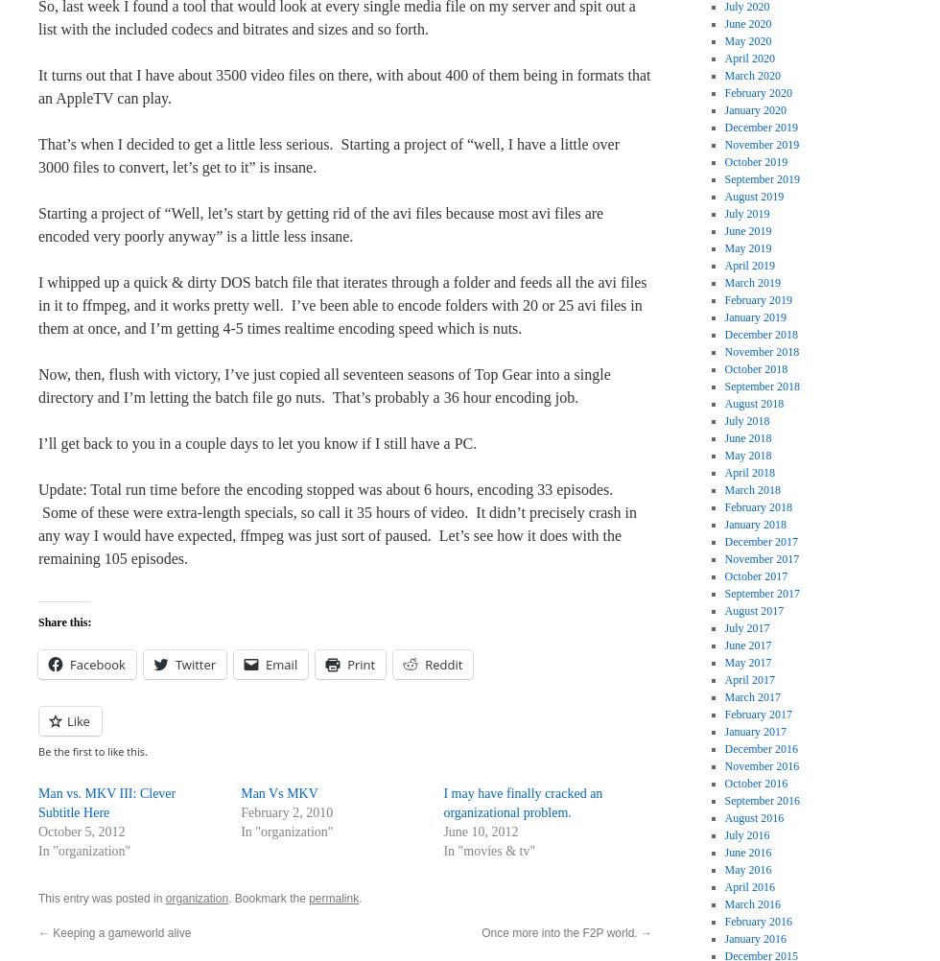 This screenshot has height=961, width=940. I want to click on 'October 2017', so click(756, 574).